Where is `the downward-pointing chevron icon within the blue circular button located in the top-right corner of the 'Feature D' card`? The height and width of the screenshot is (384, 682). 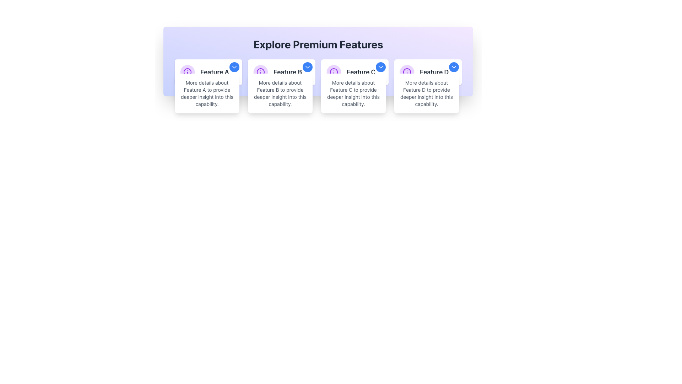 the downward-pointing chevron icon within the blue circular button located in the top-right corner of the 'Feature D' card is located at coordinates (453, 67).